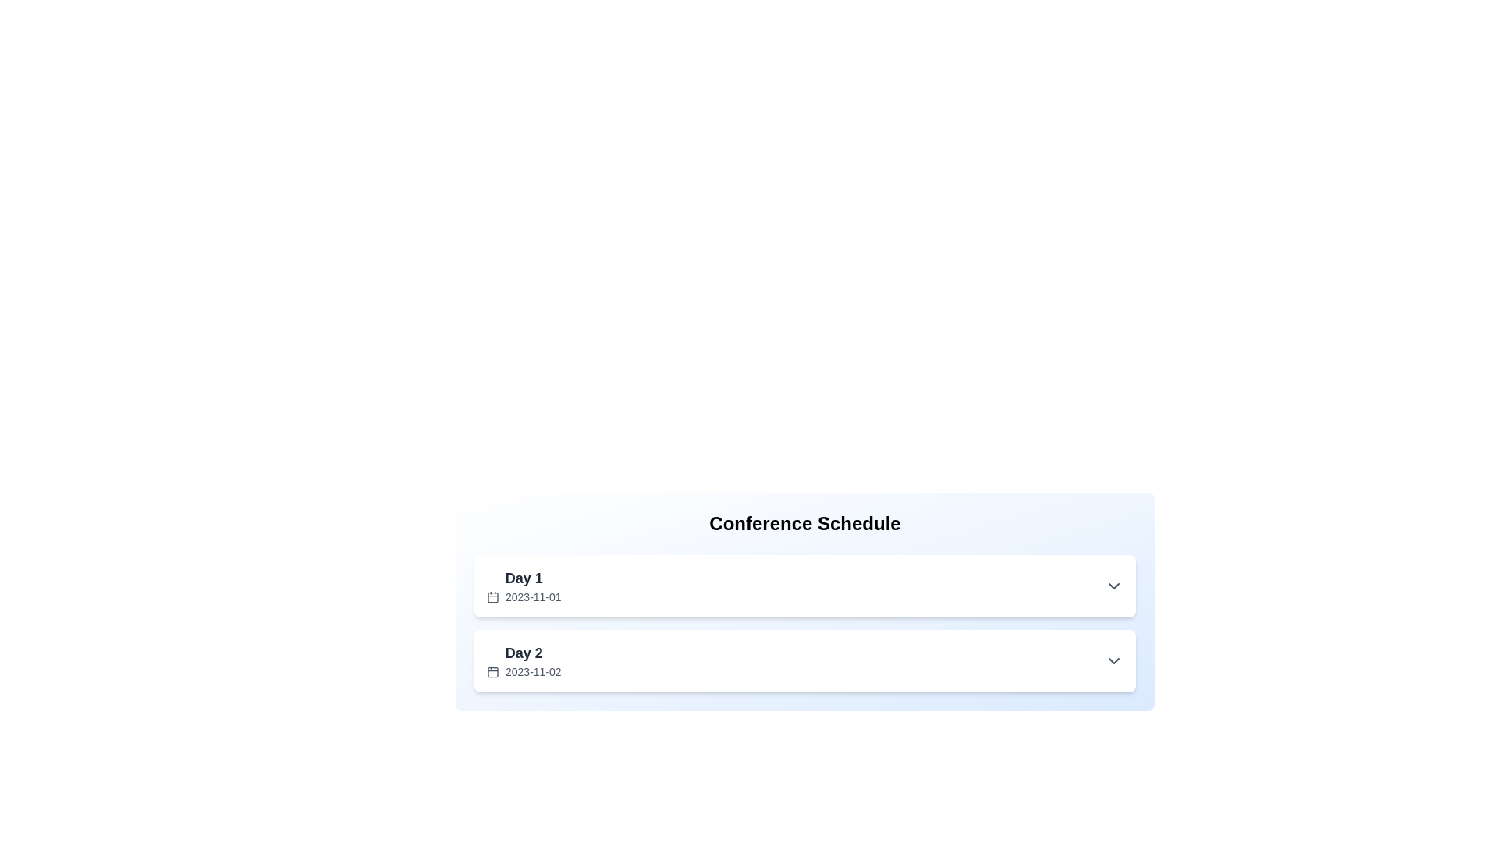 This screenshot has width=1498, height=842. Describe the element at coordinates (492, 670) in the screenshot. I see `the calendar icon, which is a minimalistic, outlined design located to the left of the date text '2023-11-02' in the second row of a schedule list` at that location.